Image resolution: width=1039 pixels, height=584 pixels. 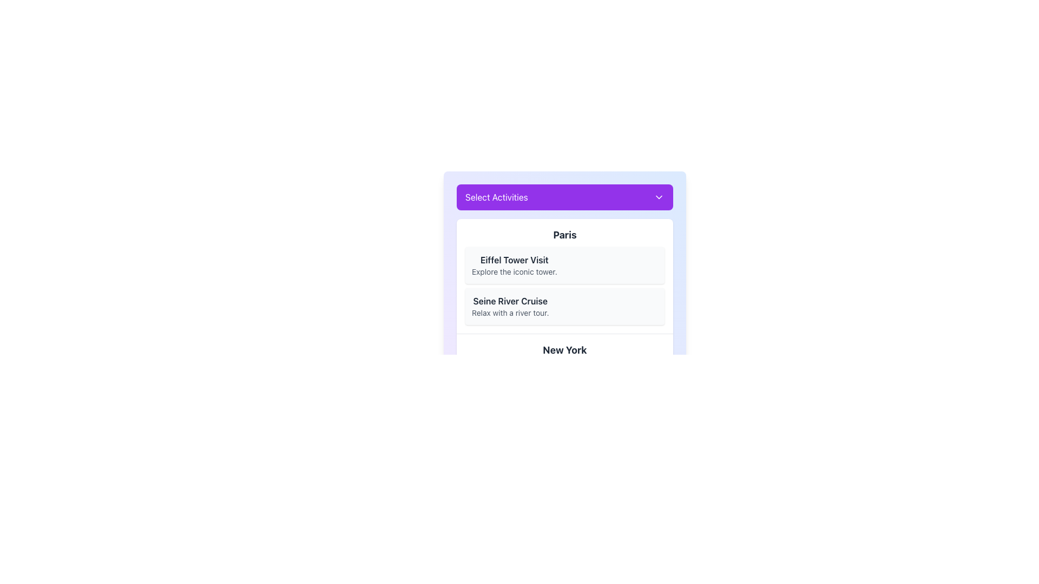 What do you see at coordinates (564, 197) in the screenshot?
I see `the purple dropdown menu trigger button labeled 'Select Activities'` at bounding box center [564, 197].